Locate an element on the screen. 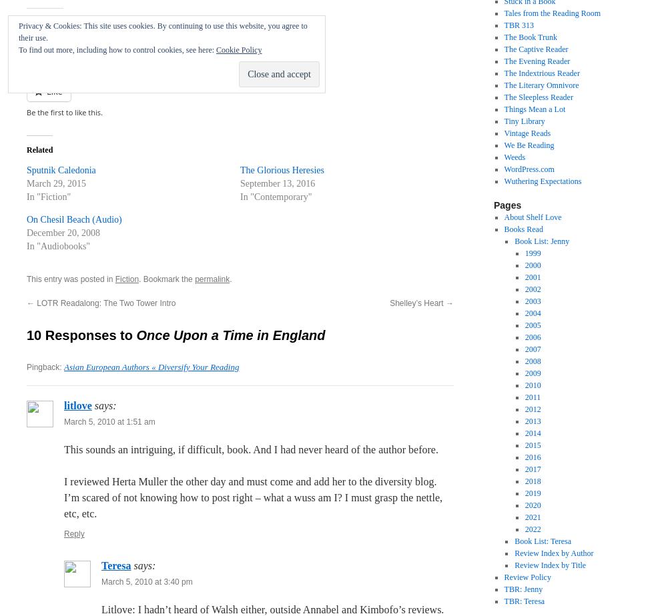  'Teresa' is located at coordinates (101, 565).